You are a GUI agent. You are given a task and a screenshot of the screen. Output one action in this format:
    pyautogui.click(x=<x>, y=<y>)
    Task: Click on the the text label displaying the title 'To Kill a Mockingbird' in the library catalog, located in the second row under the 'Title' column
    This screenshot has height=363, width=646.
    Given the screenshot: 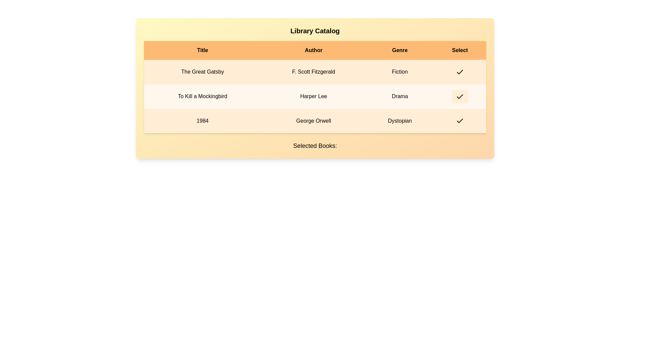 What is the action you would take?
    pyautogui.click(x=202, y=96)
    